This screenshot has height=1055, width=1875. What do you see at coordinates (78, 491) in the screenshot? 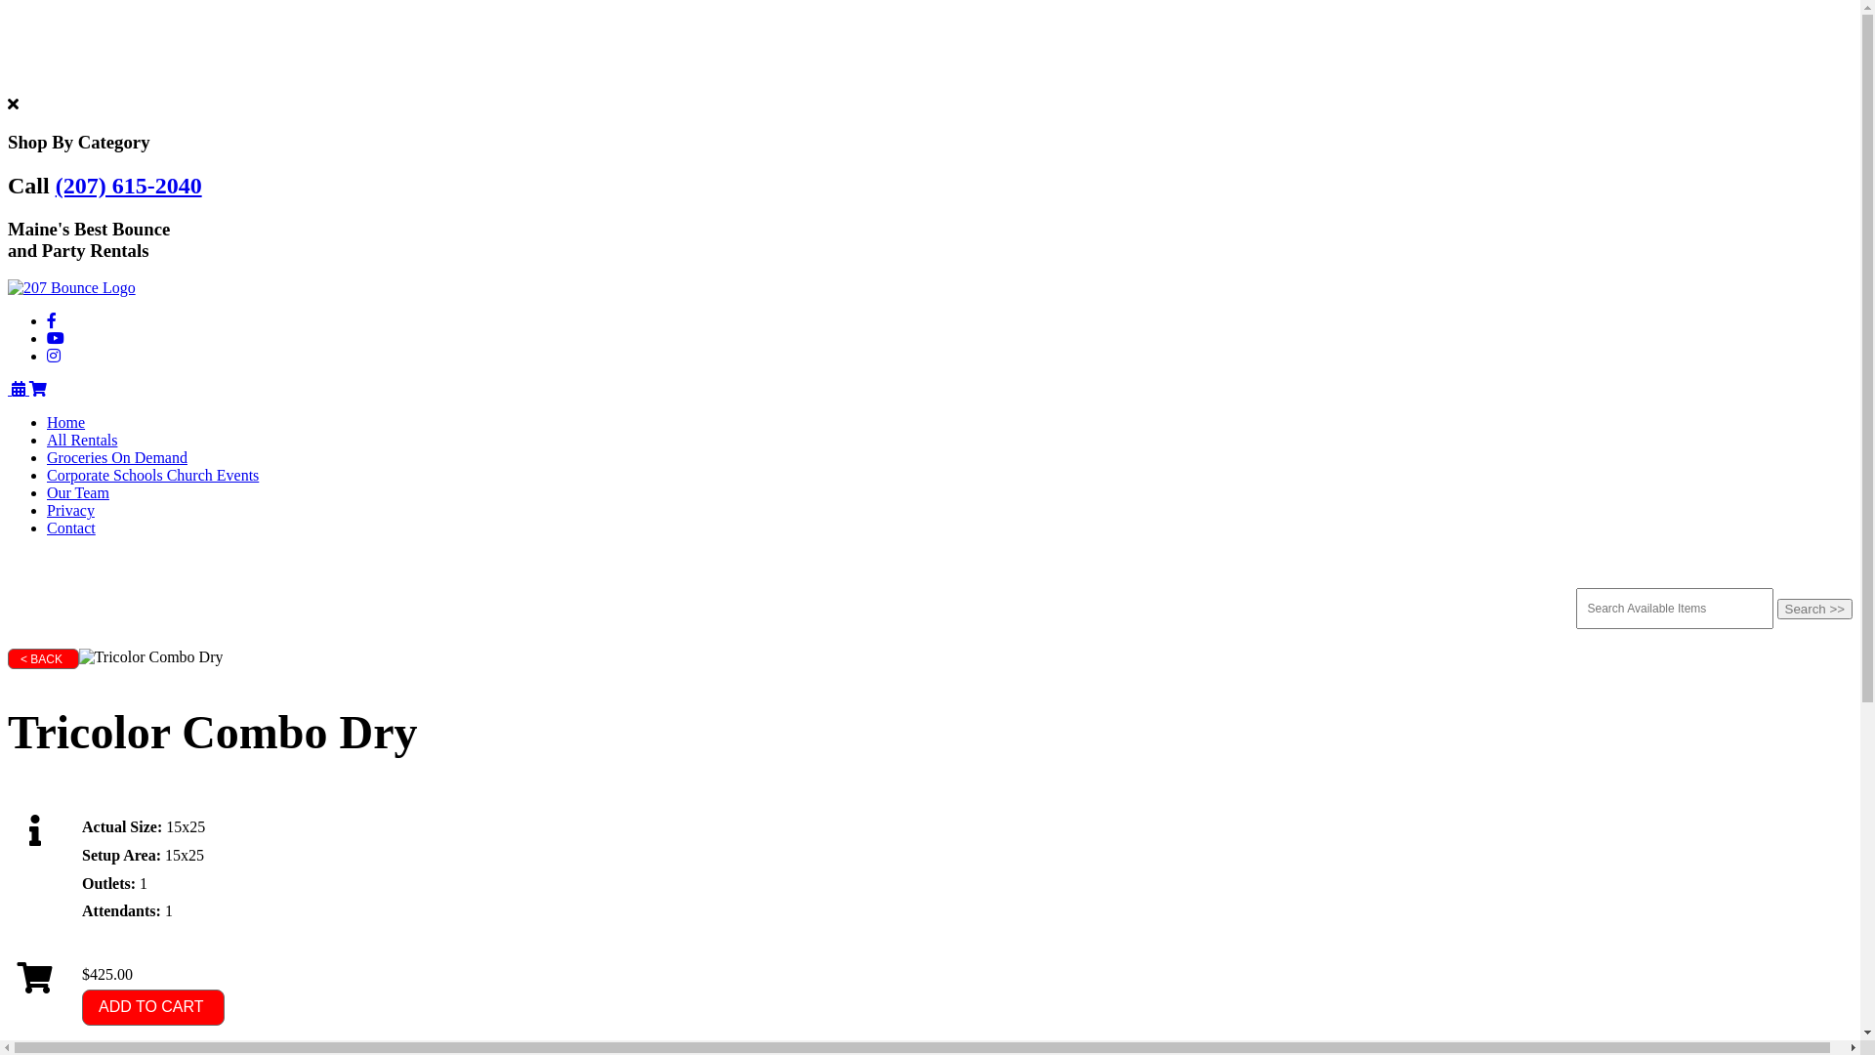
I see `'Our Team'` at bounding box center [78, 491].